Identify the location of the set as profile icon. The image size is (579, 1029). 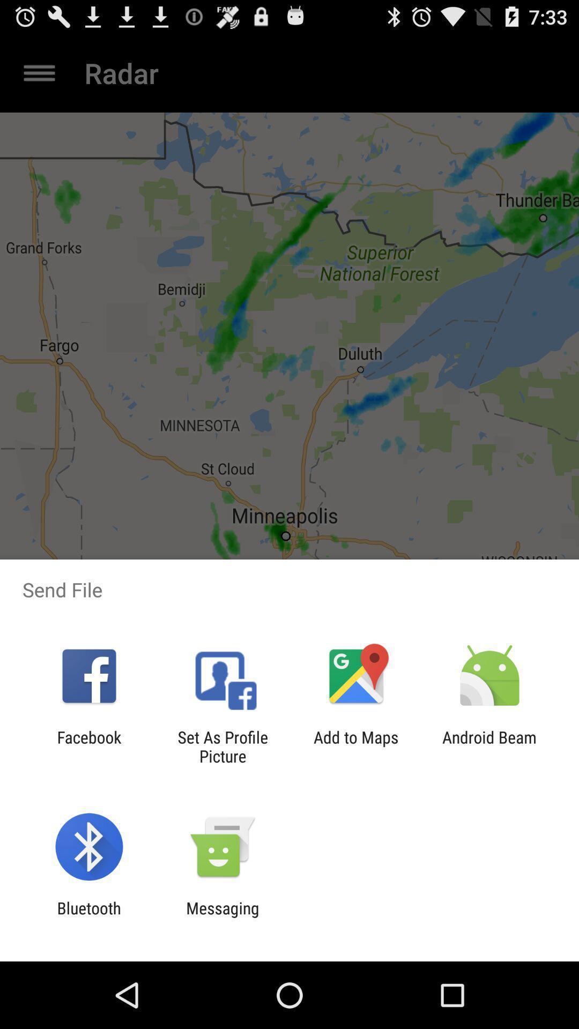
(222, 746).